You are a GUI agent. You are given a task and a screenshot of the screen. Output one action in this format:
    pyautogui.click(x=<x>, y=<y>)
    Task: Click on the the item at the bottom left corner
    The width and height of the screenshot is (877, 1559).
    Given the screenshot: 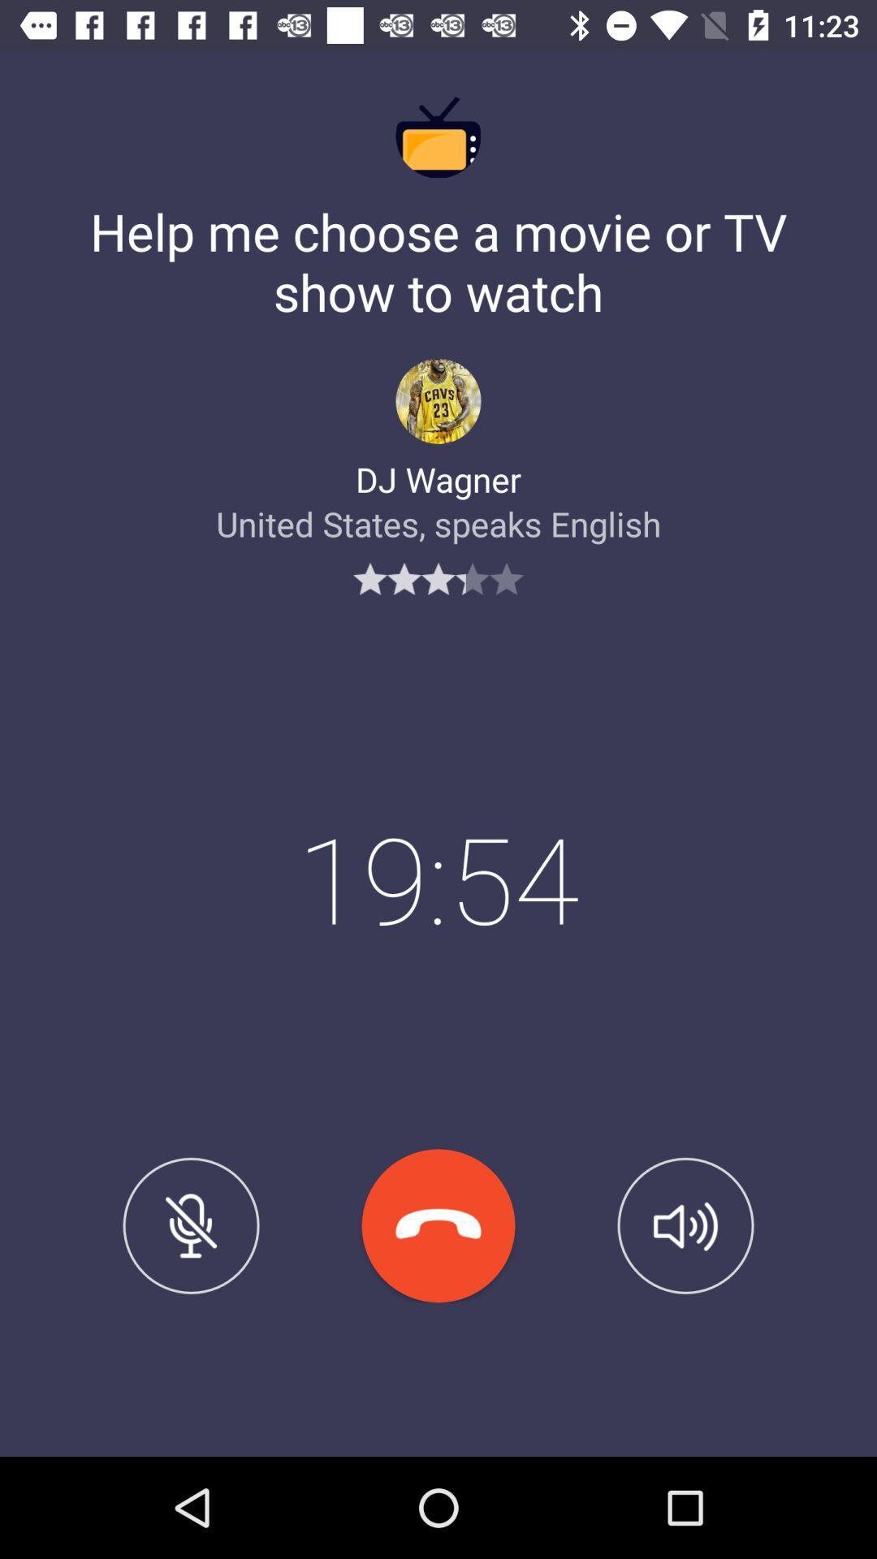 What is the action you would take?
    pyautogui.click(x=190, y=1225)
    